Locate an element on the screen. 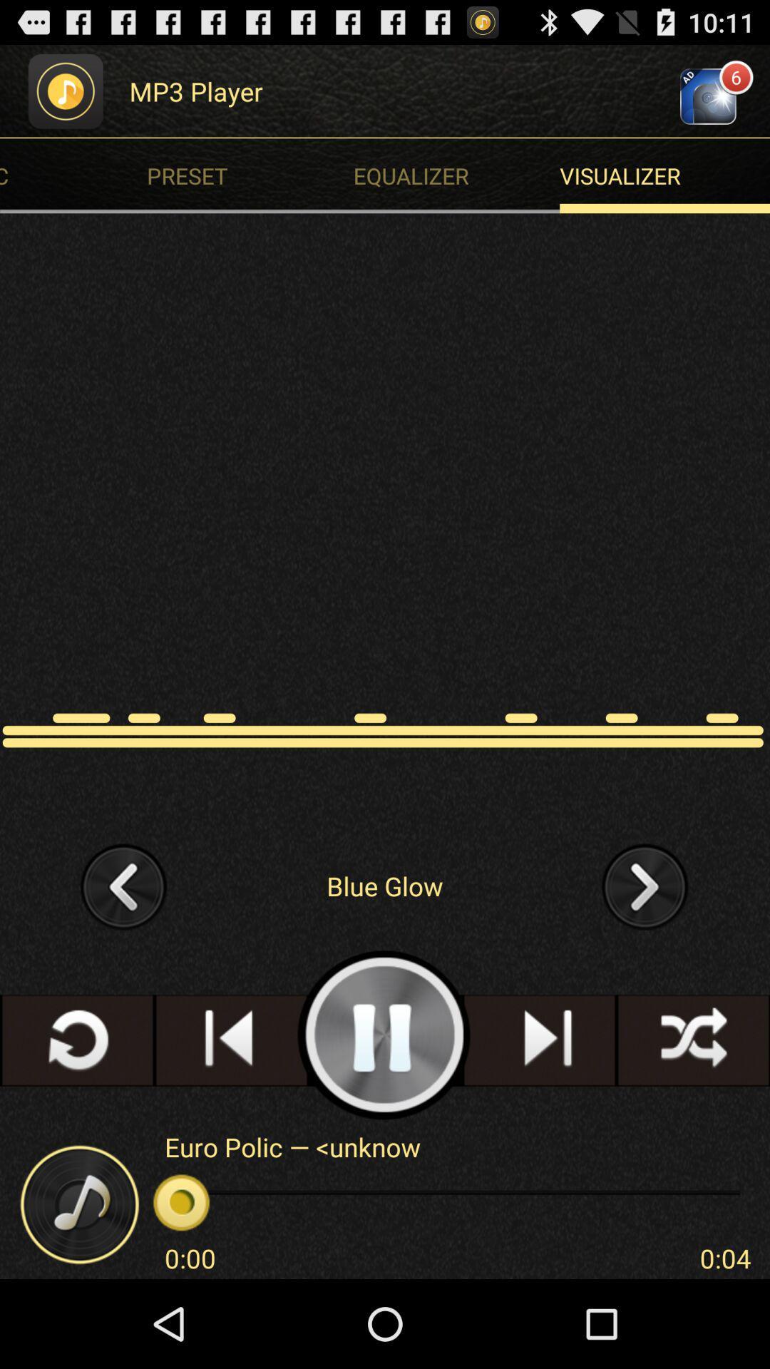 Image resolution: width=770 pixels, height=1369 pixels. equalizer radio button is located at coordinates (460, 175).